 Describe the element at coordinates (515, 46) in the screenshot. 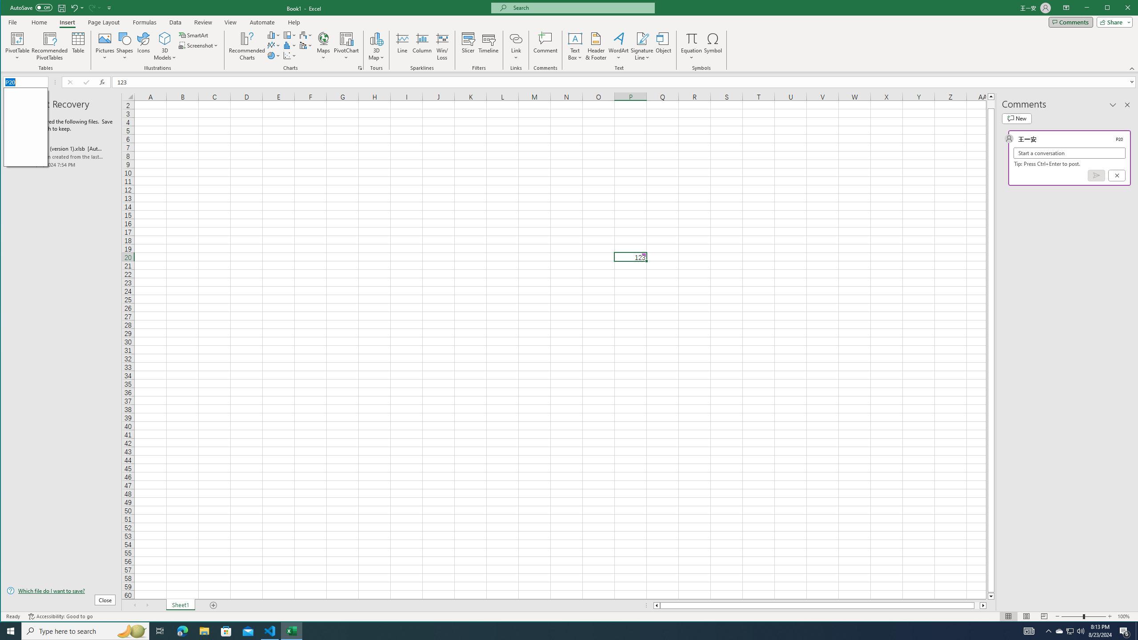

I see `'Link'` at that location.